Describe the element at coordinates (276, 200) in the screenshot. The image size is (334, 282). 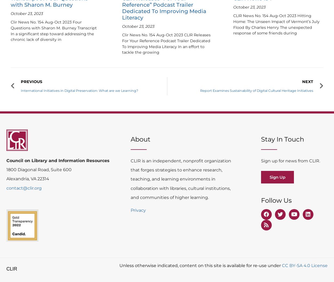
I see `'Follow Us'` at that location.